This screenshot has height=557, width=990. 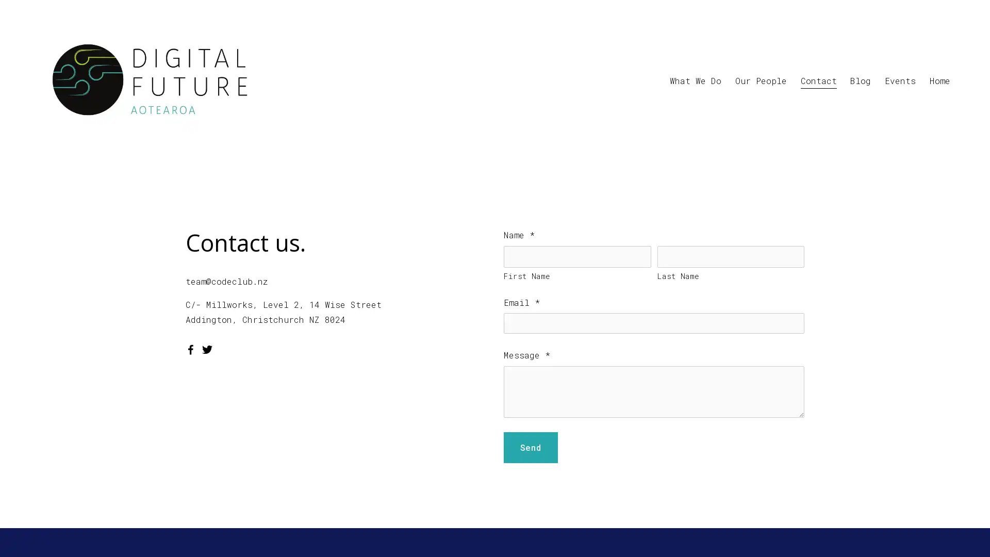 What do you see at coordinates (530, 447) in the screenshot?
I see `Send` at bounding box center [530, 447].